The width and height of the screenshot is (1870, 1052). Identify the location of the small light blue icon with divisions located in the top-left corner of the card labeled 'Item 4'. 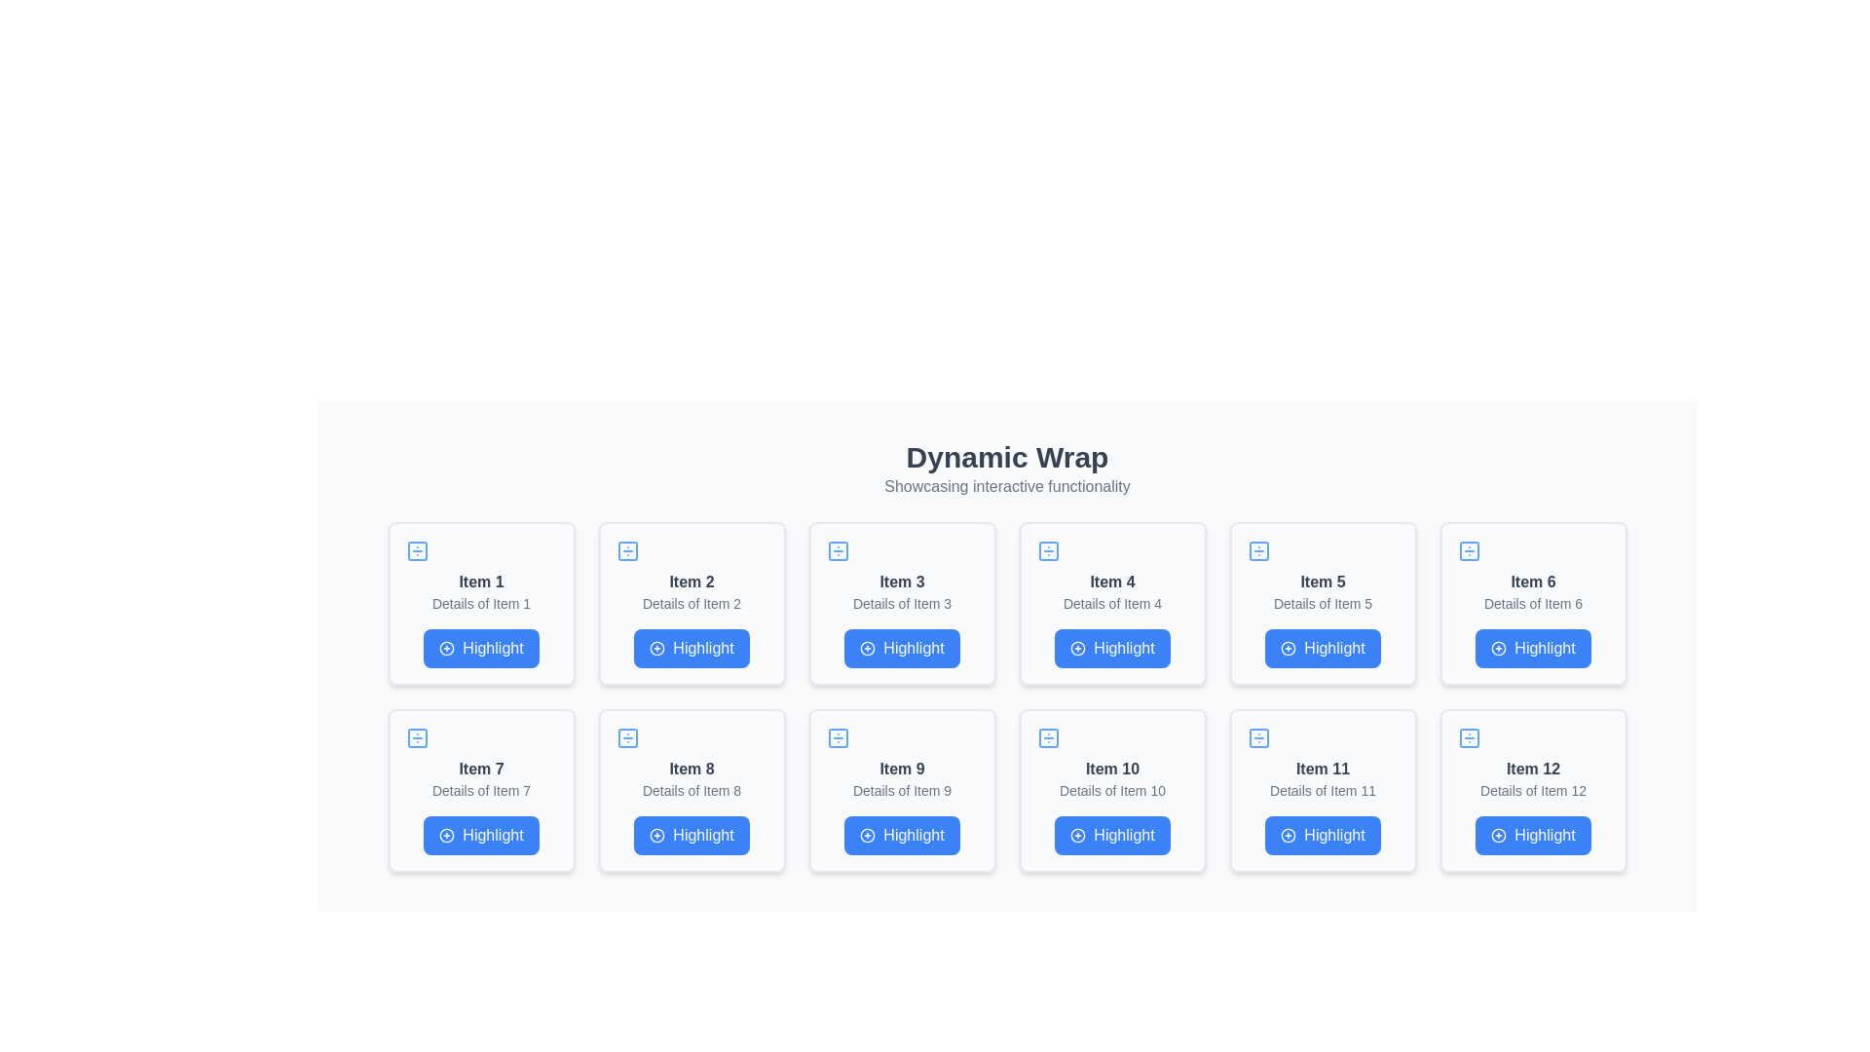
(1047, 551).